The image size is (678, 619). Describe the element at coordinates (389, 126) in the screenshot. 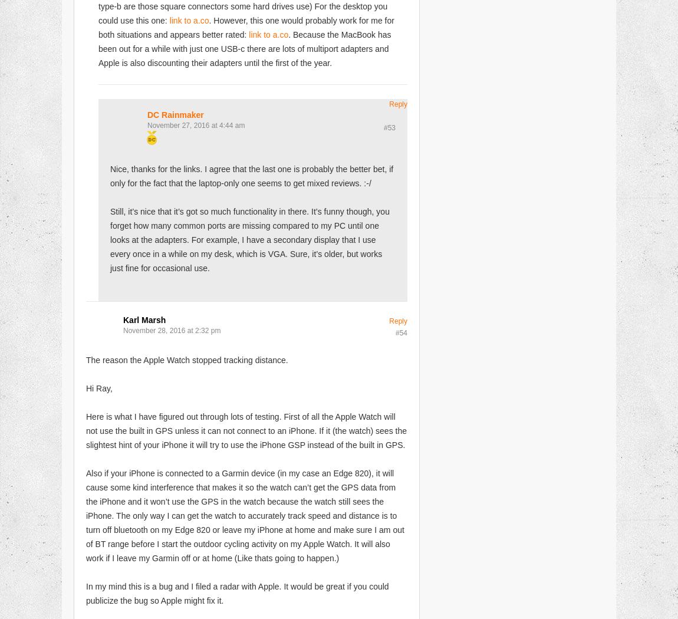

I see `'#53'` at that location.